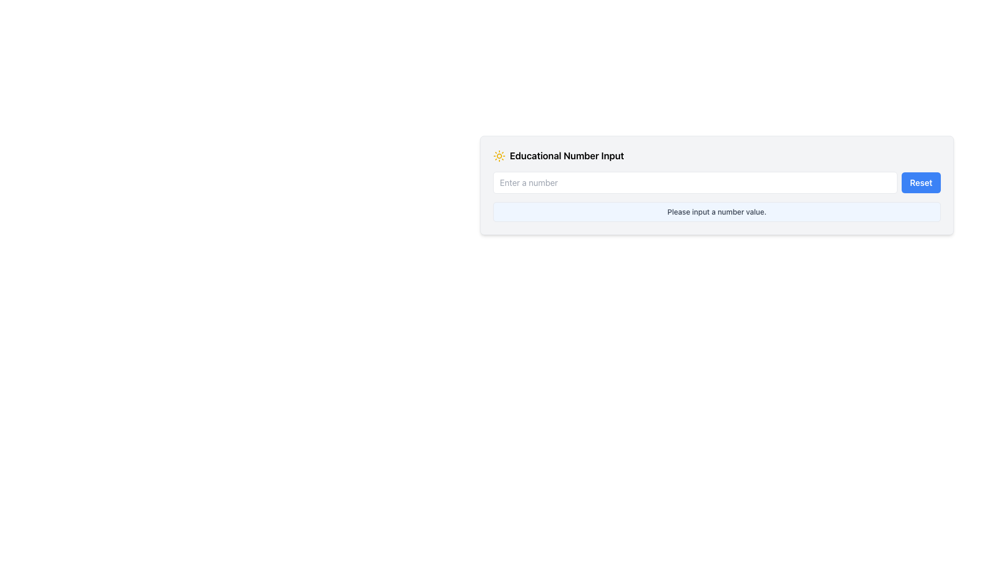 The width and height of the screenshot is (1003, 564). I want to click on the Text label that serves as a heading for the adjacent input field, located near the top center of the interface, following a yellow sun icon and above an input box, so click(566, 156).